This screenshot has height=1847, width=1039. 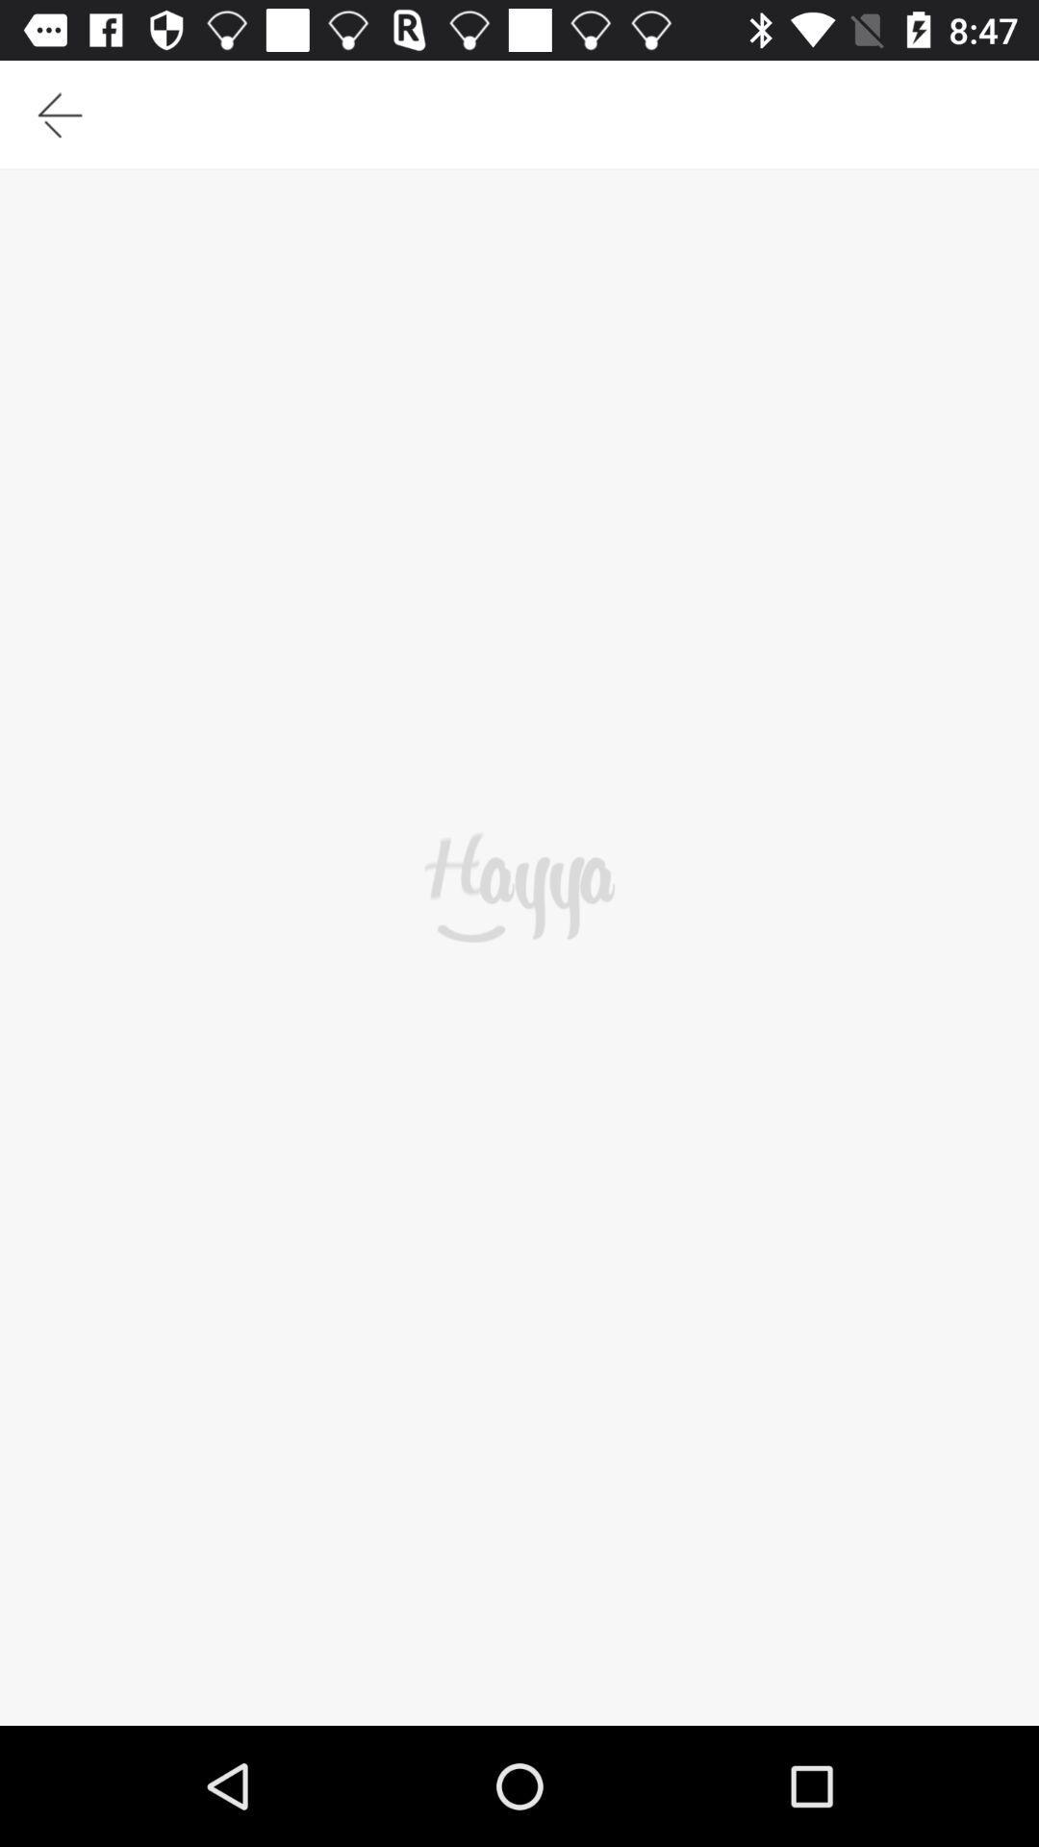 What do you see at coordinates (59, 114) in the screenshot?
I see `the icon at the top left corner` at bounding box center [59, 114].